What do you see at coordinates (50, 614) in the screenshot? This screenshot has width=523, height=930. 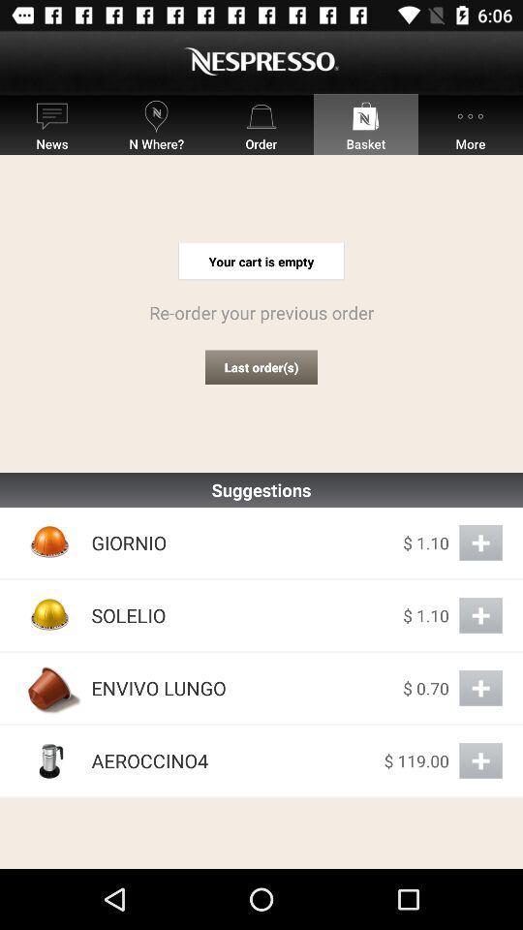 I see `the second icon below the suggestions` at bounding box center [50, 614].